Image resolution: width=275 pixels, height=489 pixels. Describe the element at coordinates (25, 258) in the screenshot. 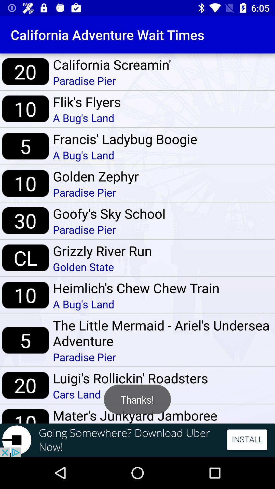

I see `item above the 10 item` at that location.